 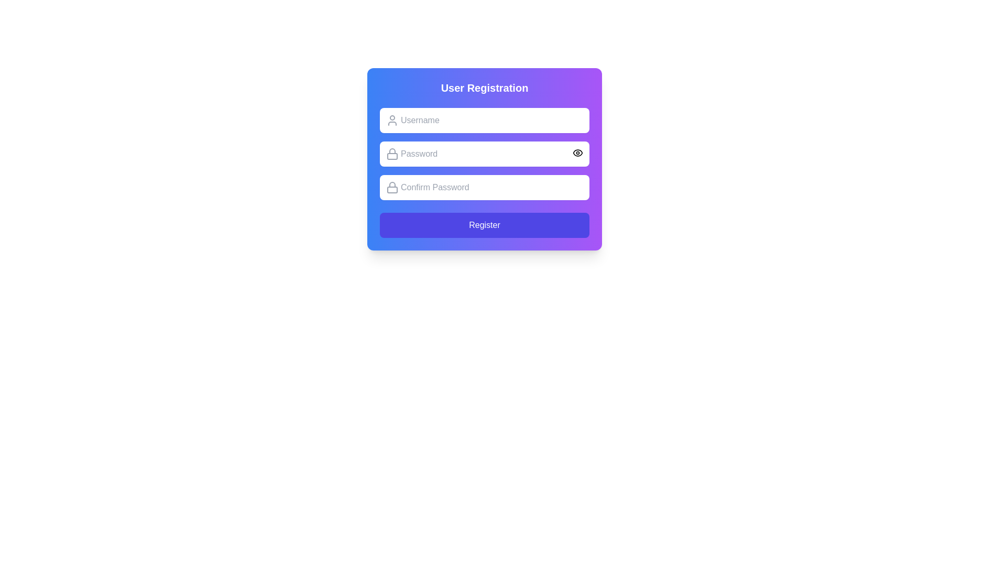 I want to click on the rectangular part of the lock icon located to the left of the 'Password' input field, so click(x=391, y=156).